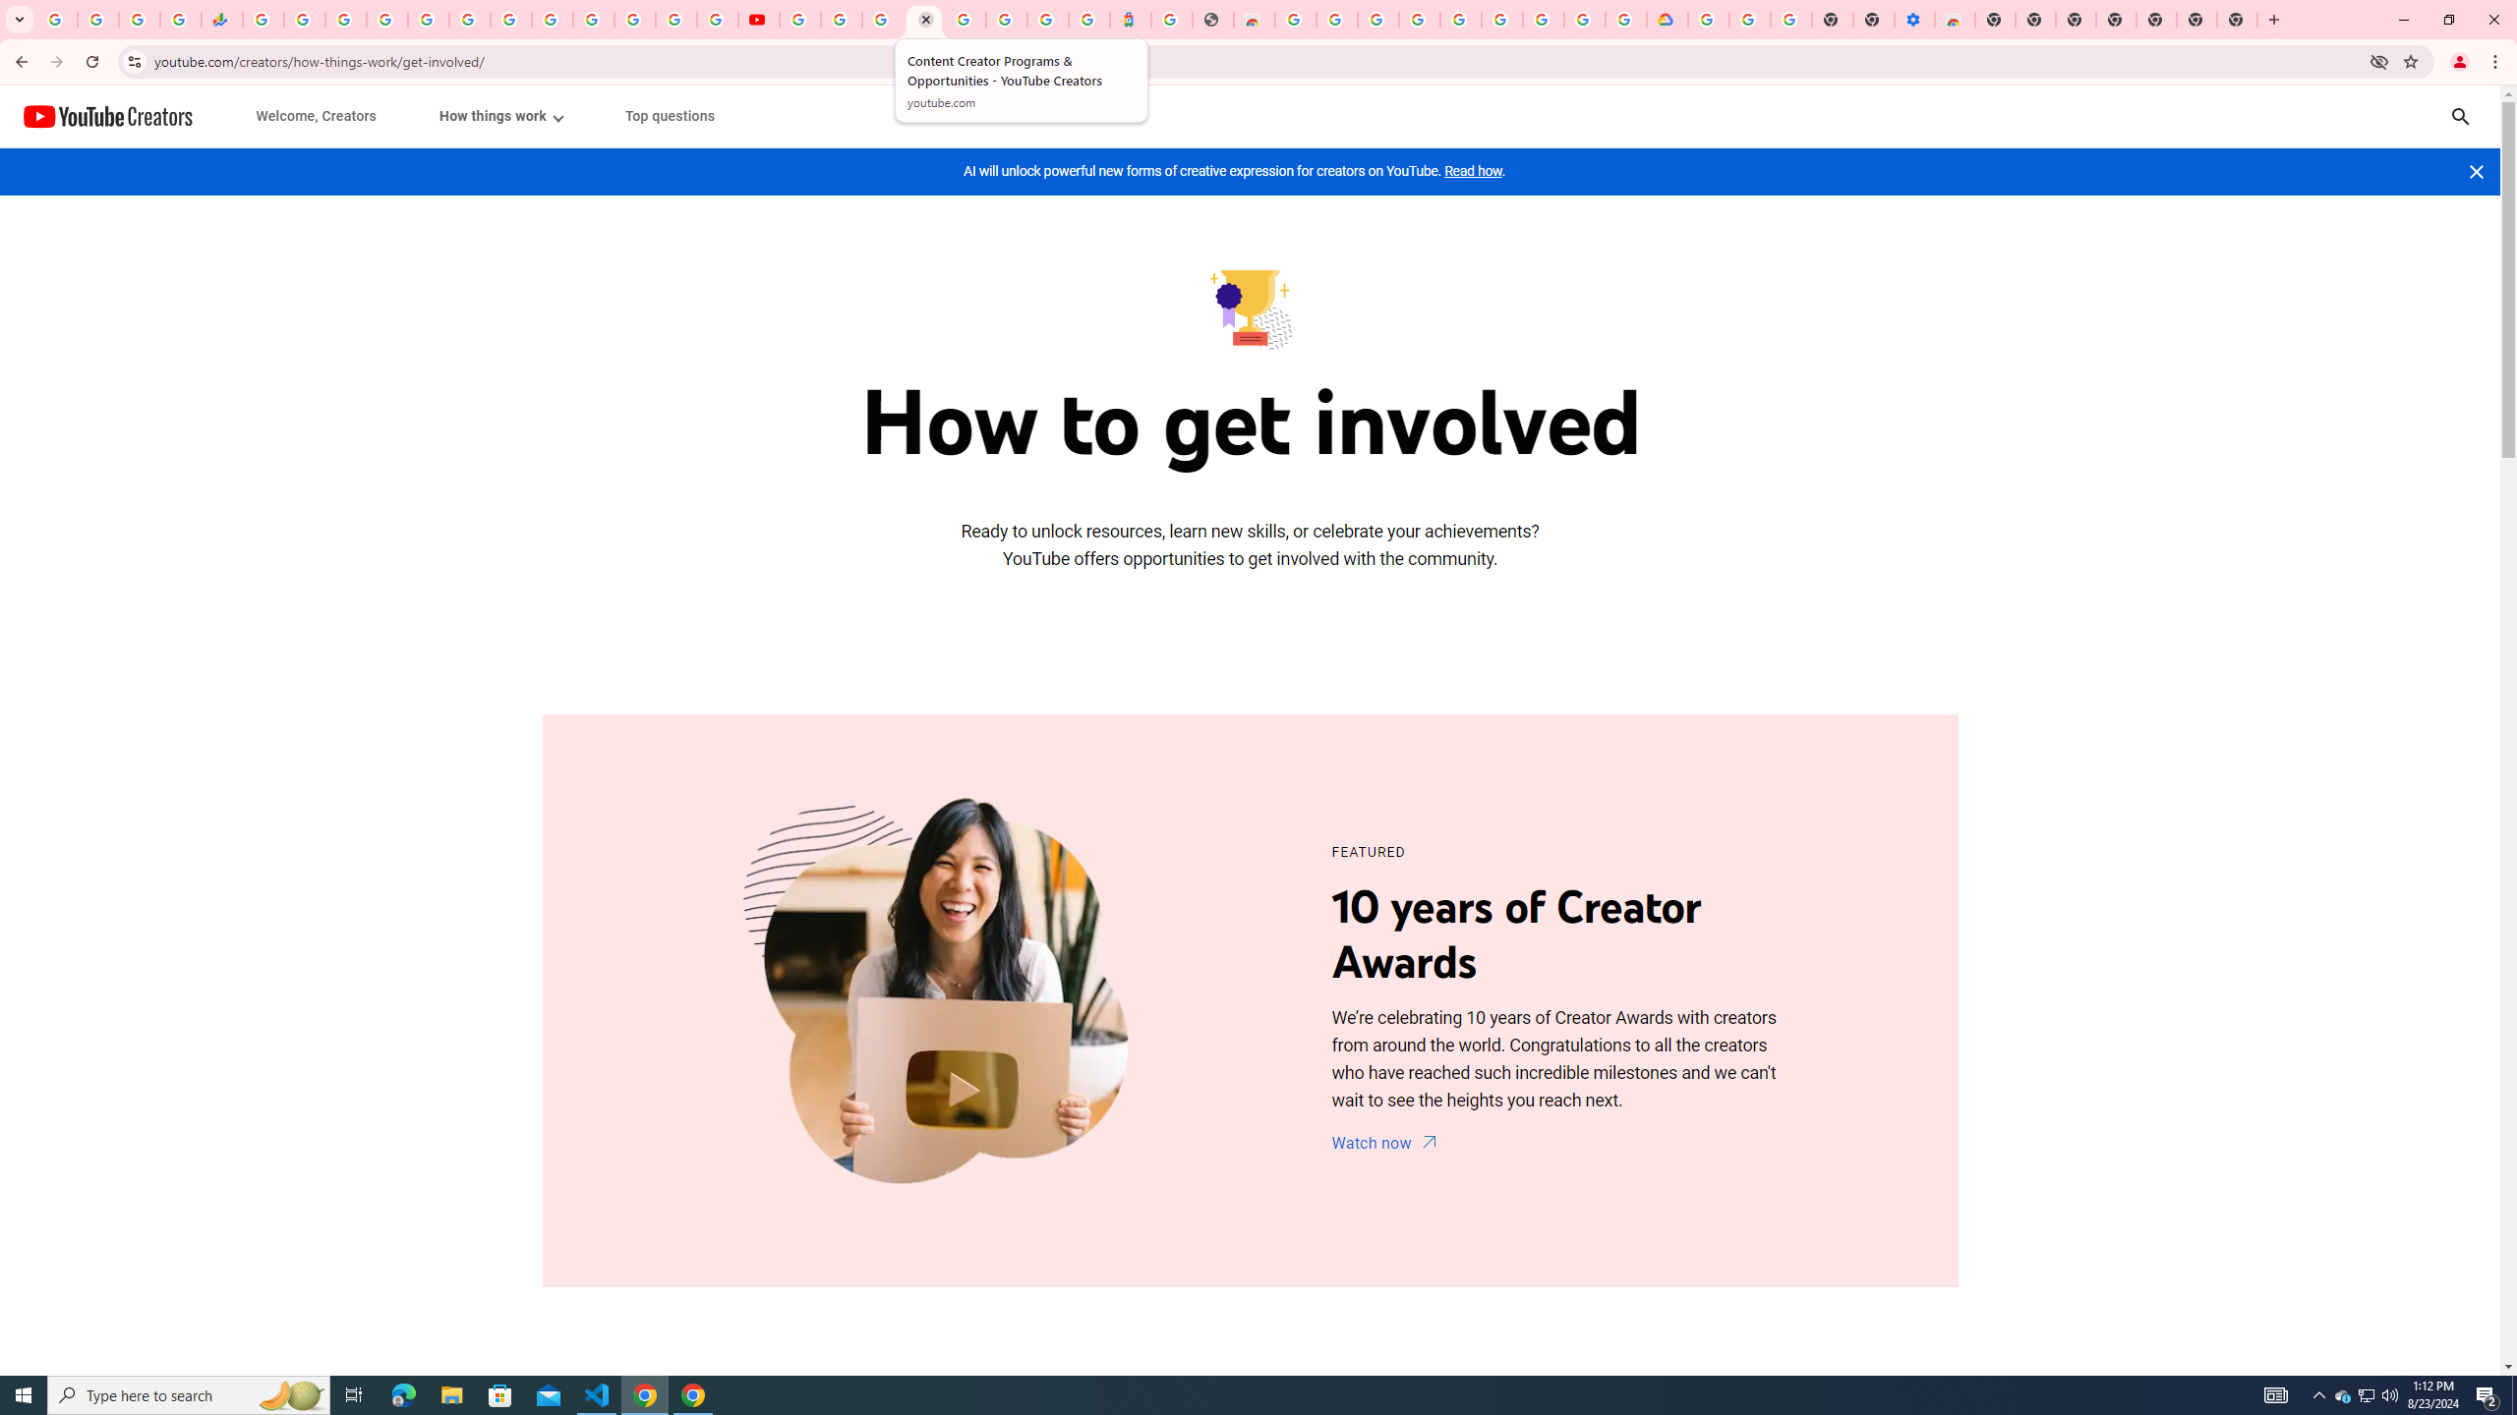 Image resolution: width=2517 pixels, height=1415 pixels. I want to click on 'Sign in - Google Accounts', so click(387, 19).